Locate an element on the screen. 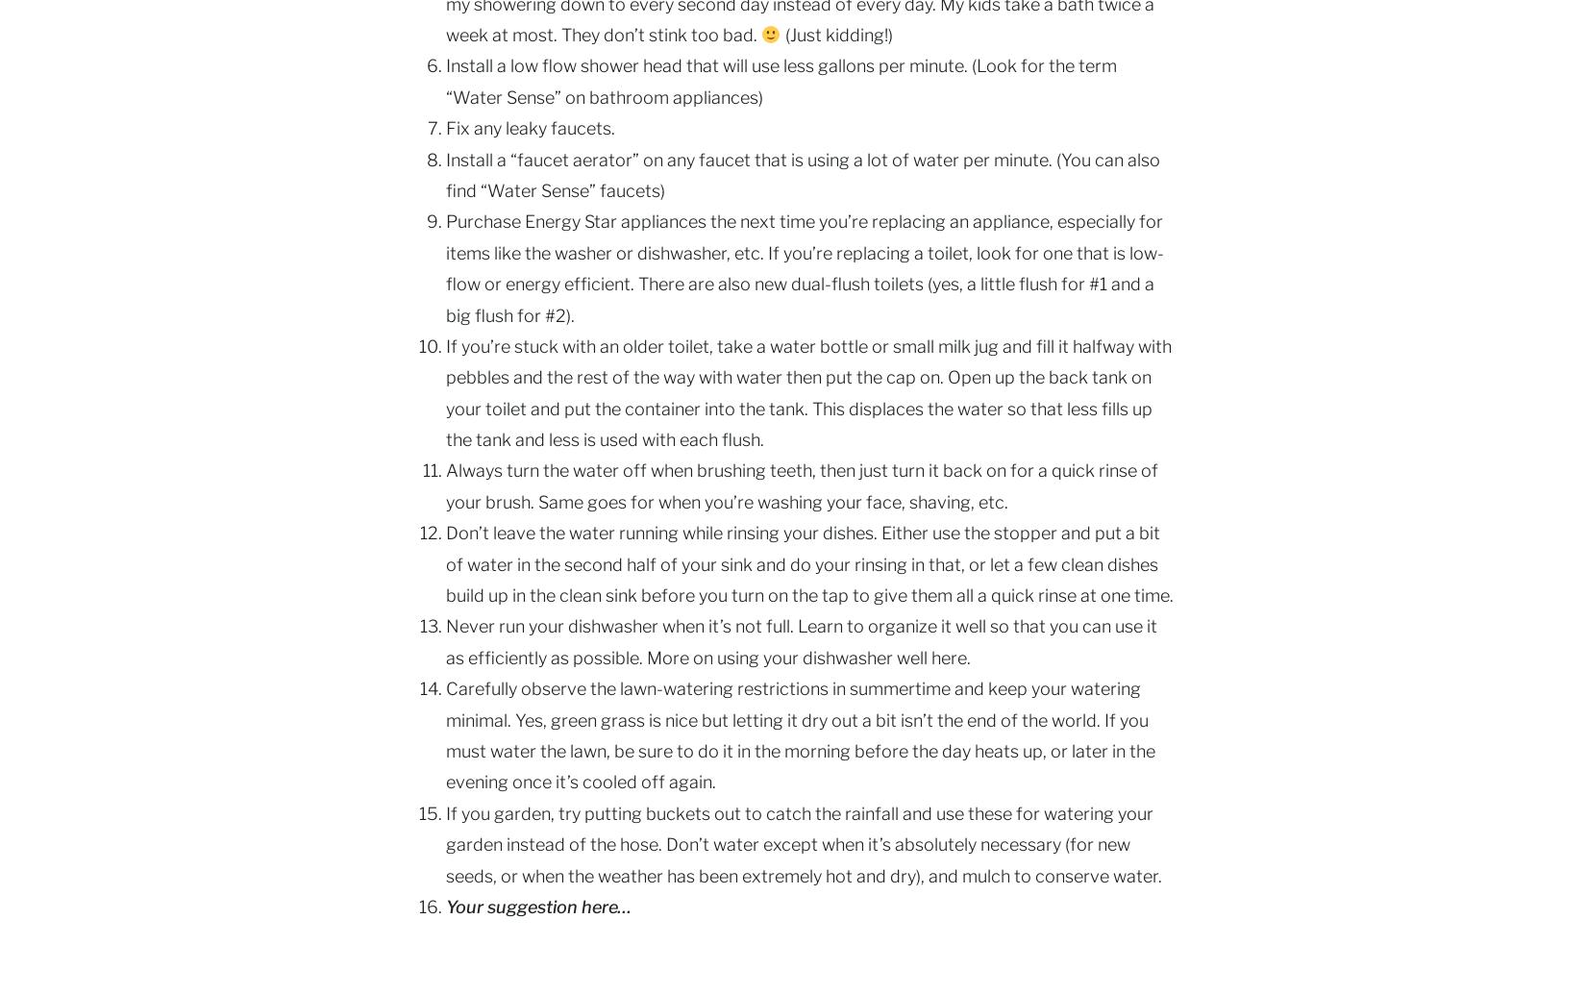 The height and width of the screenshot is (994, 1586). 'If you’re stuck with an older toilet, take a water bottle or small milk jug and fill it halfway with pebbles and the rest of the way with water then put the cap on. Open up the back tank on your toilet and put the container into the tank. This displaces the water so that less fills up the tank and less is used with each flush.' is located at coordinates (808, 391).